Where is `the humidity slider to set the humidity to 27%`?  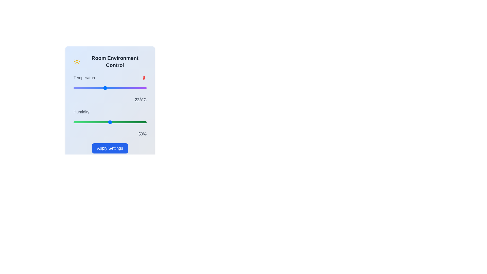
the humidity slider to set the humidity to 27% is located at coordinates (93, 122).